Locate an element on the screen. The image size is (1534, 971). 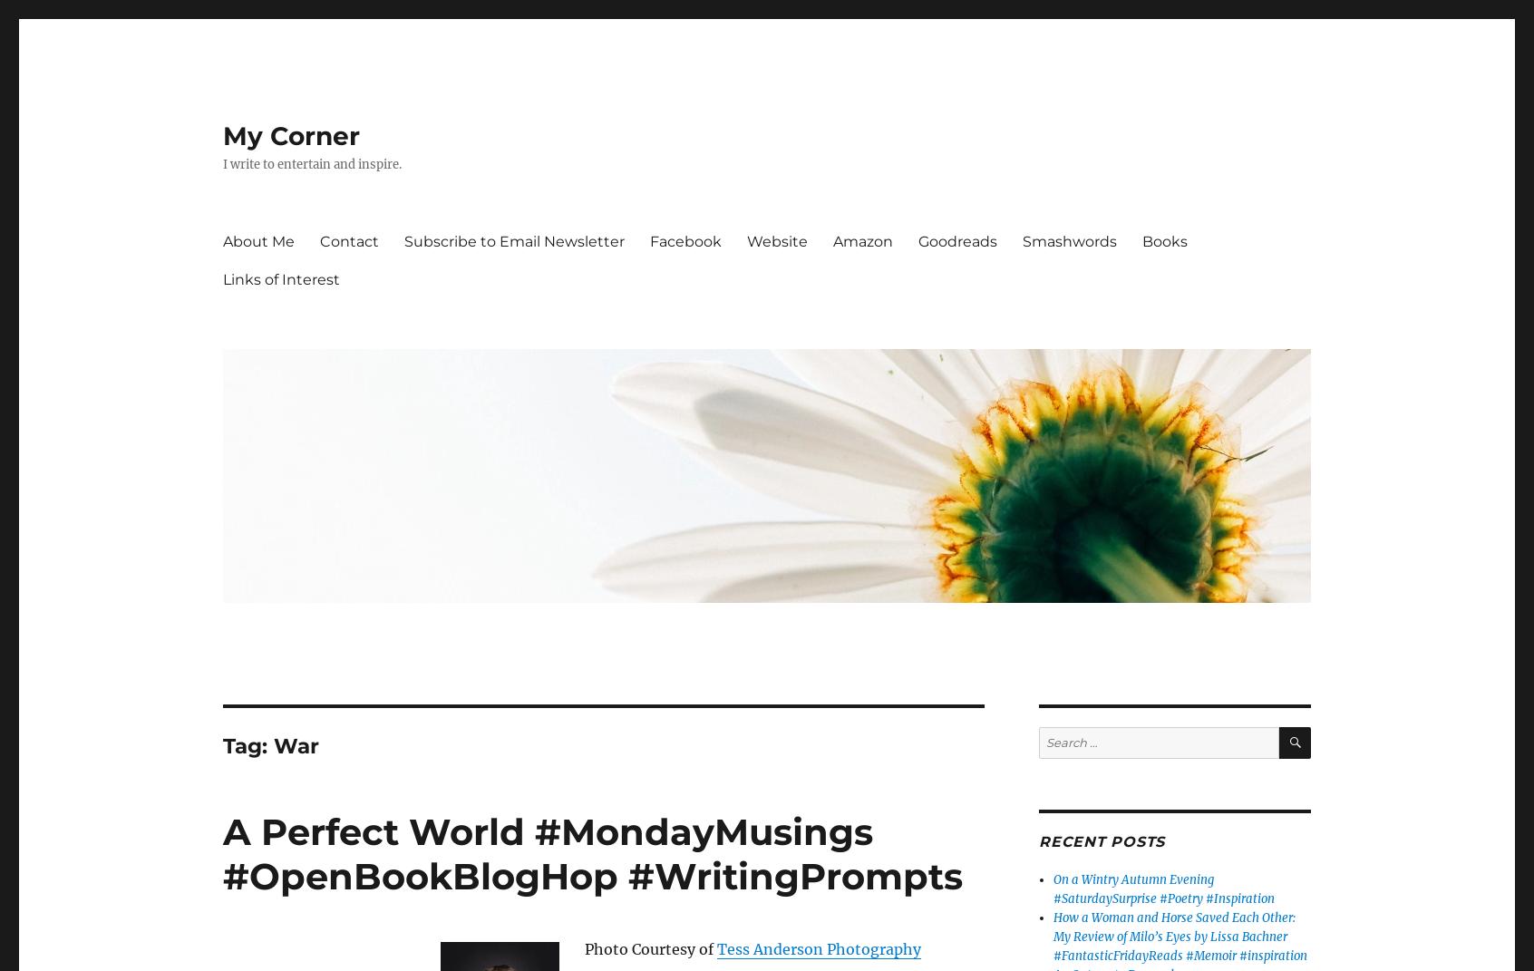
'Smashwords' is located at coordinates (1069, 240).